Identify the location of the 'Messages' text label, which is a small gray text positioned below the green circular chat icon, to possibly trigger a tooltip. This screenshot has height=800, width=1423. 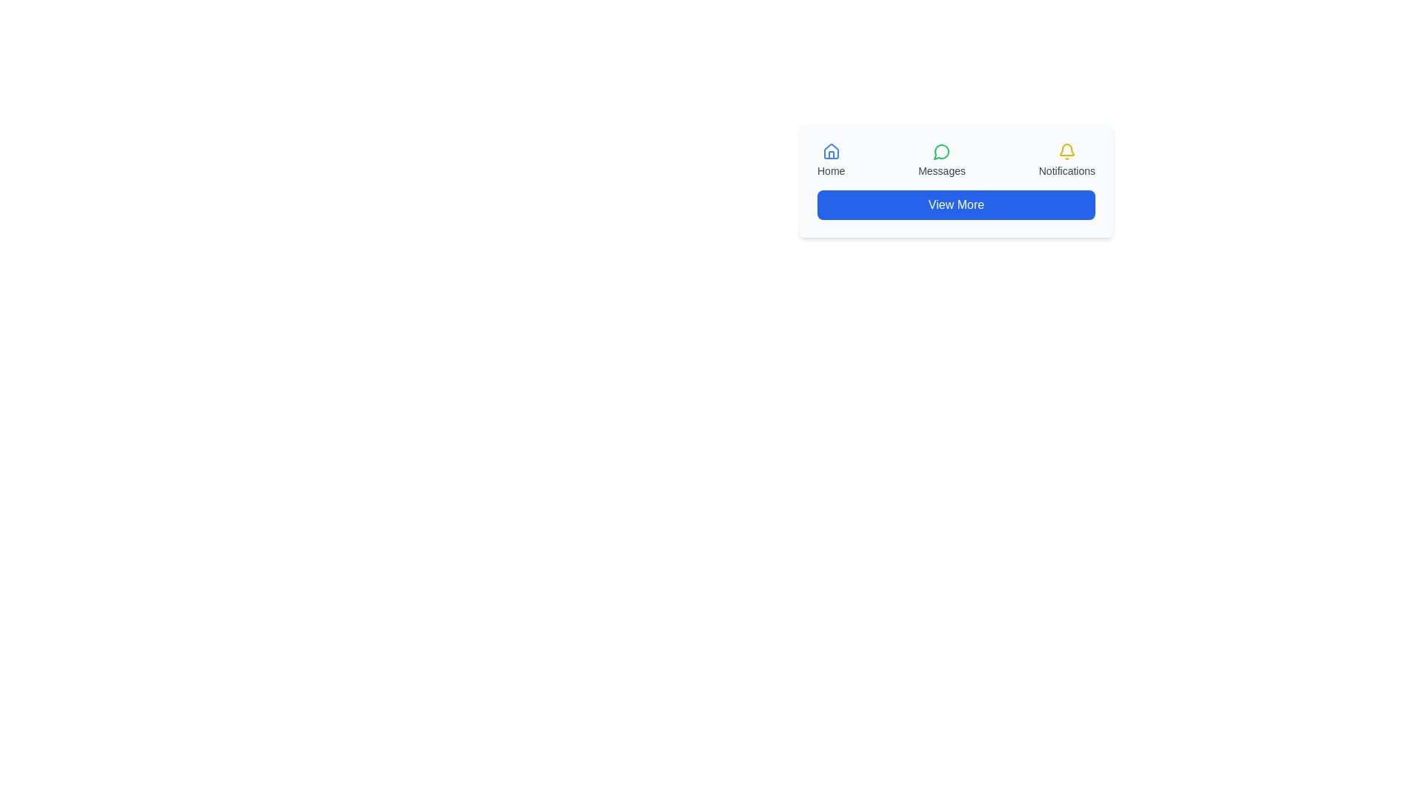
(941, 170).